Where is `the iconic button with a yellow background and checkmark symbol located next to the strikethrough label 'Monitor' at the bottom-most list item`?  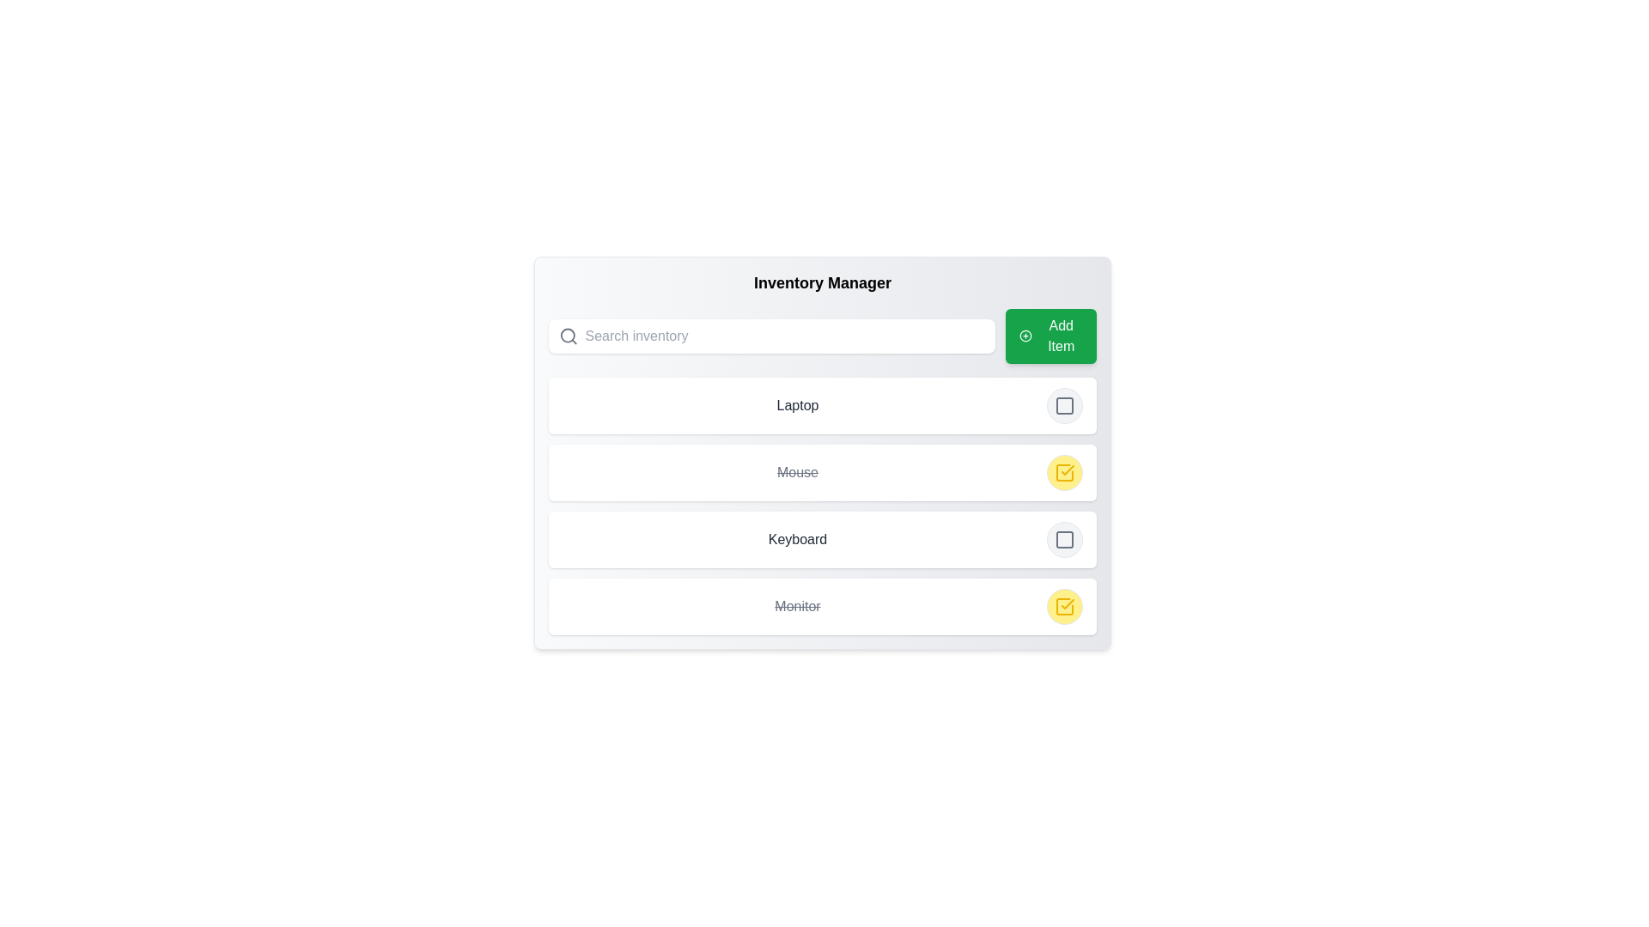
the iconic button with a yellow background and checkmark symbol located next to the strikethrough label 'Monitor' at the bottom-most list item is located at coordinates (1063, 605).